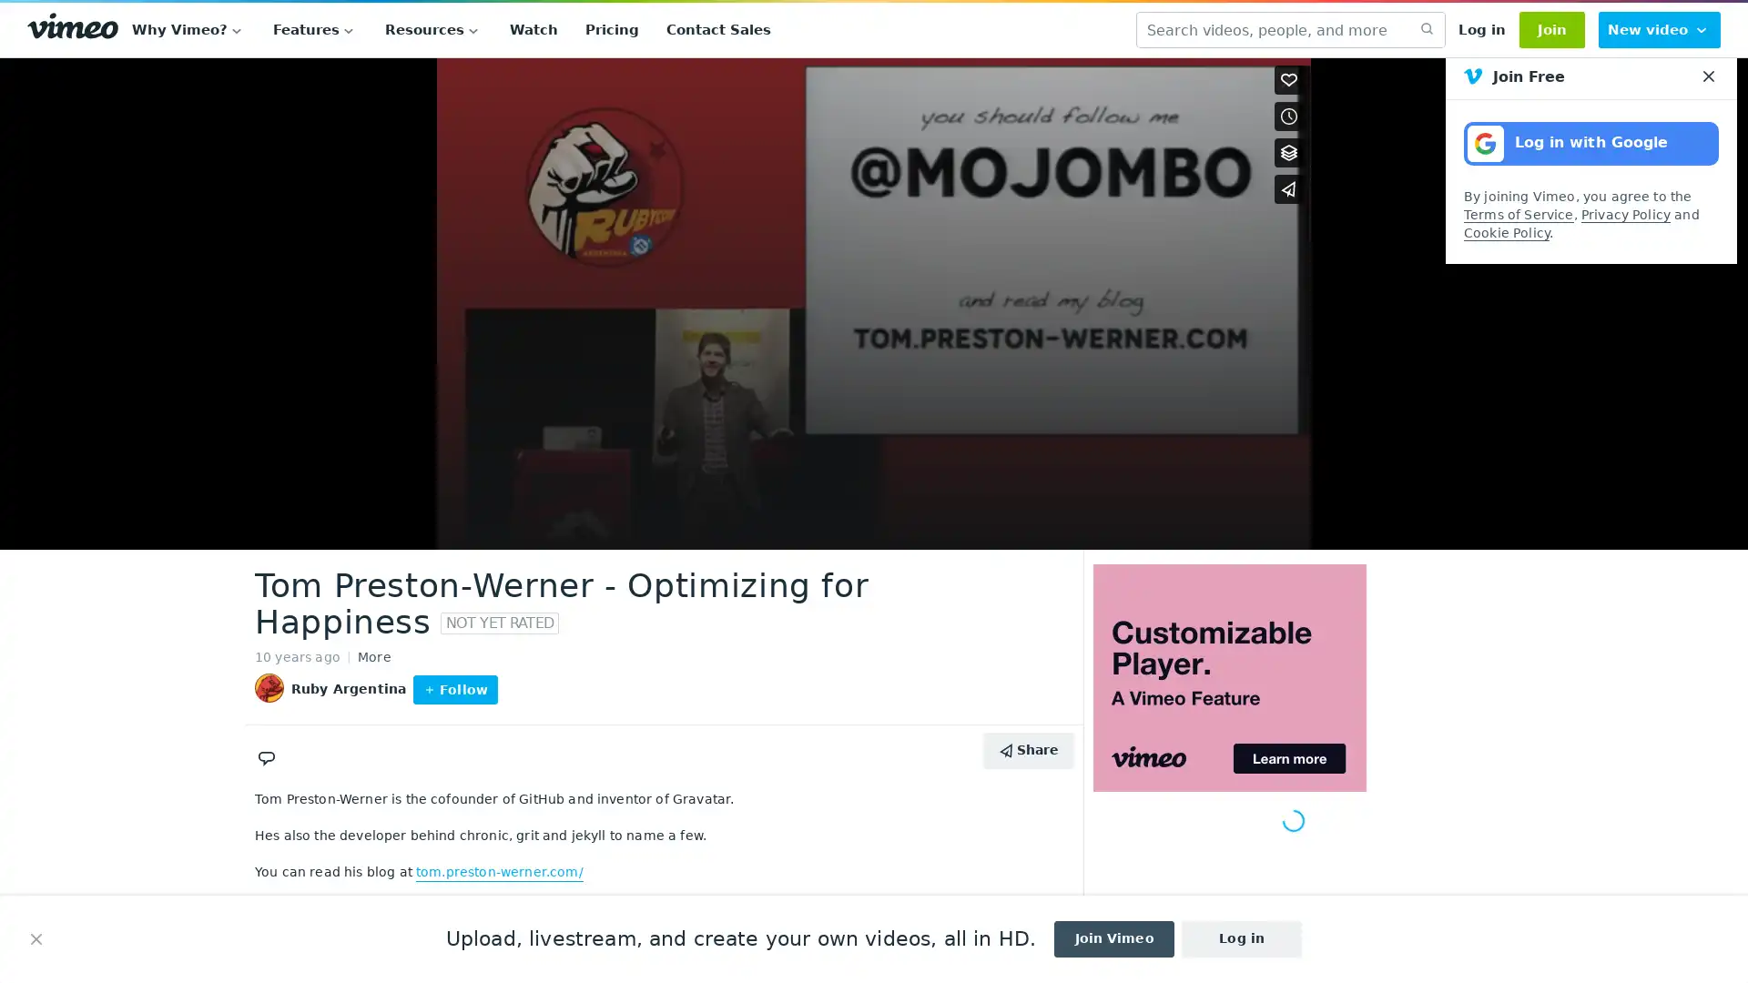 The width and height of the screenshot is (1748, 983). What do you see at coordinates (1659, 30) in the screenshot?
I see `New video` at bounding box center [1659, 30].